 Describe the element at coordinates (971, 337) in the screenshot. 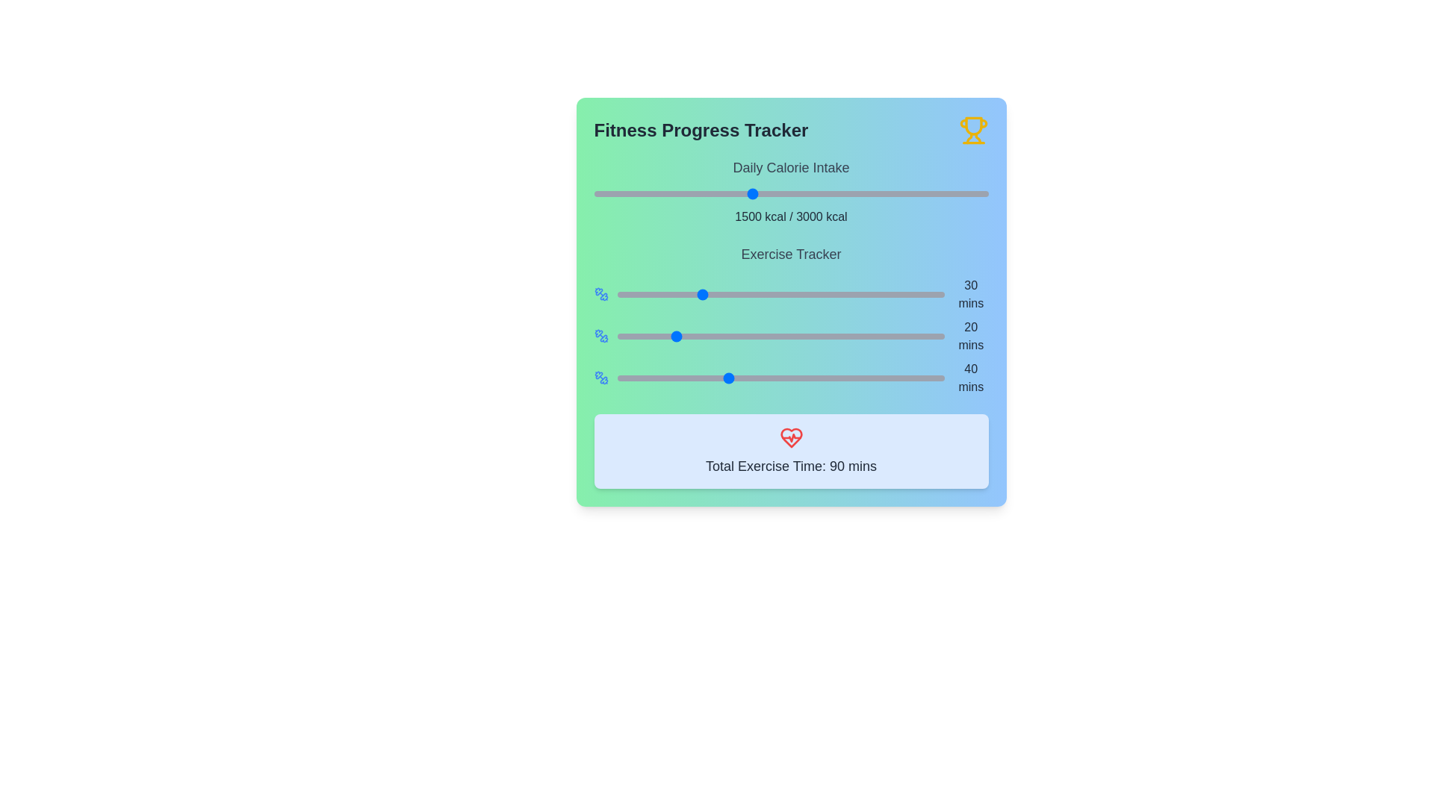

I see `the styled text label displaying '20 mins', which is positioned to the right of a horizontal slider under the 'Exercise Tracker' heading` at that location.